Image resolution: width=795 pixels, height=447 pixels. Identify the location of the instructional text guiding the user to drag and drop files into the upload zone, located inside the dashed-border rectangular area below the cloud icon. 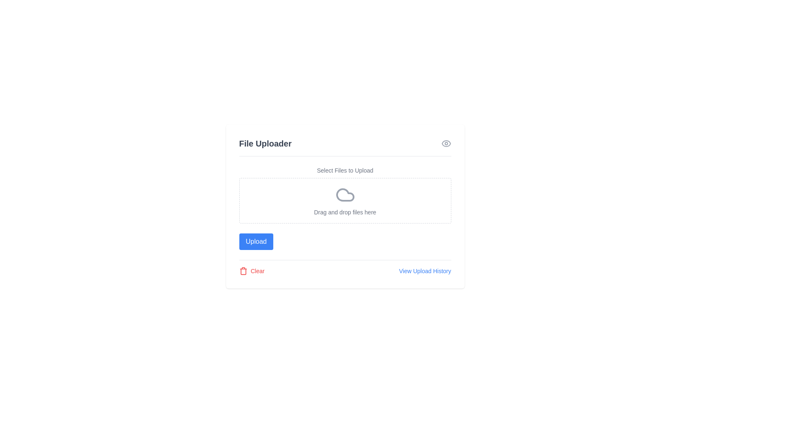
(345, 212).